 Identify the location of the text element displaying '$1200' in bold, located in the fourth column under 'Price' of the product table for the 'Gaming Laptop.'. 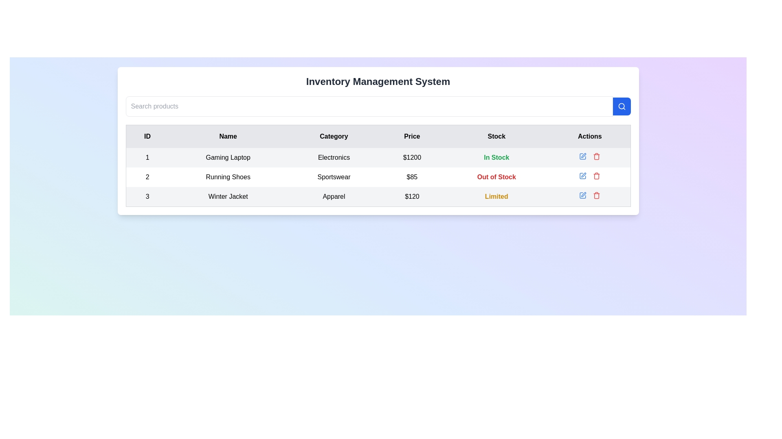
(412, 158).